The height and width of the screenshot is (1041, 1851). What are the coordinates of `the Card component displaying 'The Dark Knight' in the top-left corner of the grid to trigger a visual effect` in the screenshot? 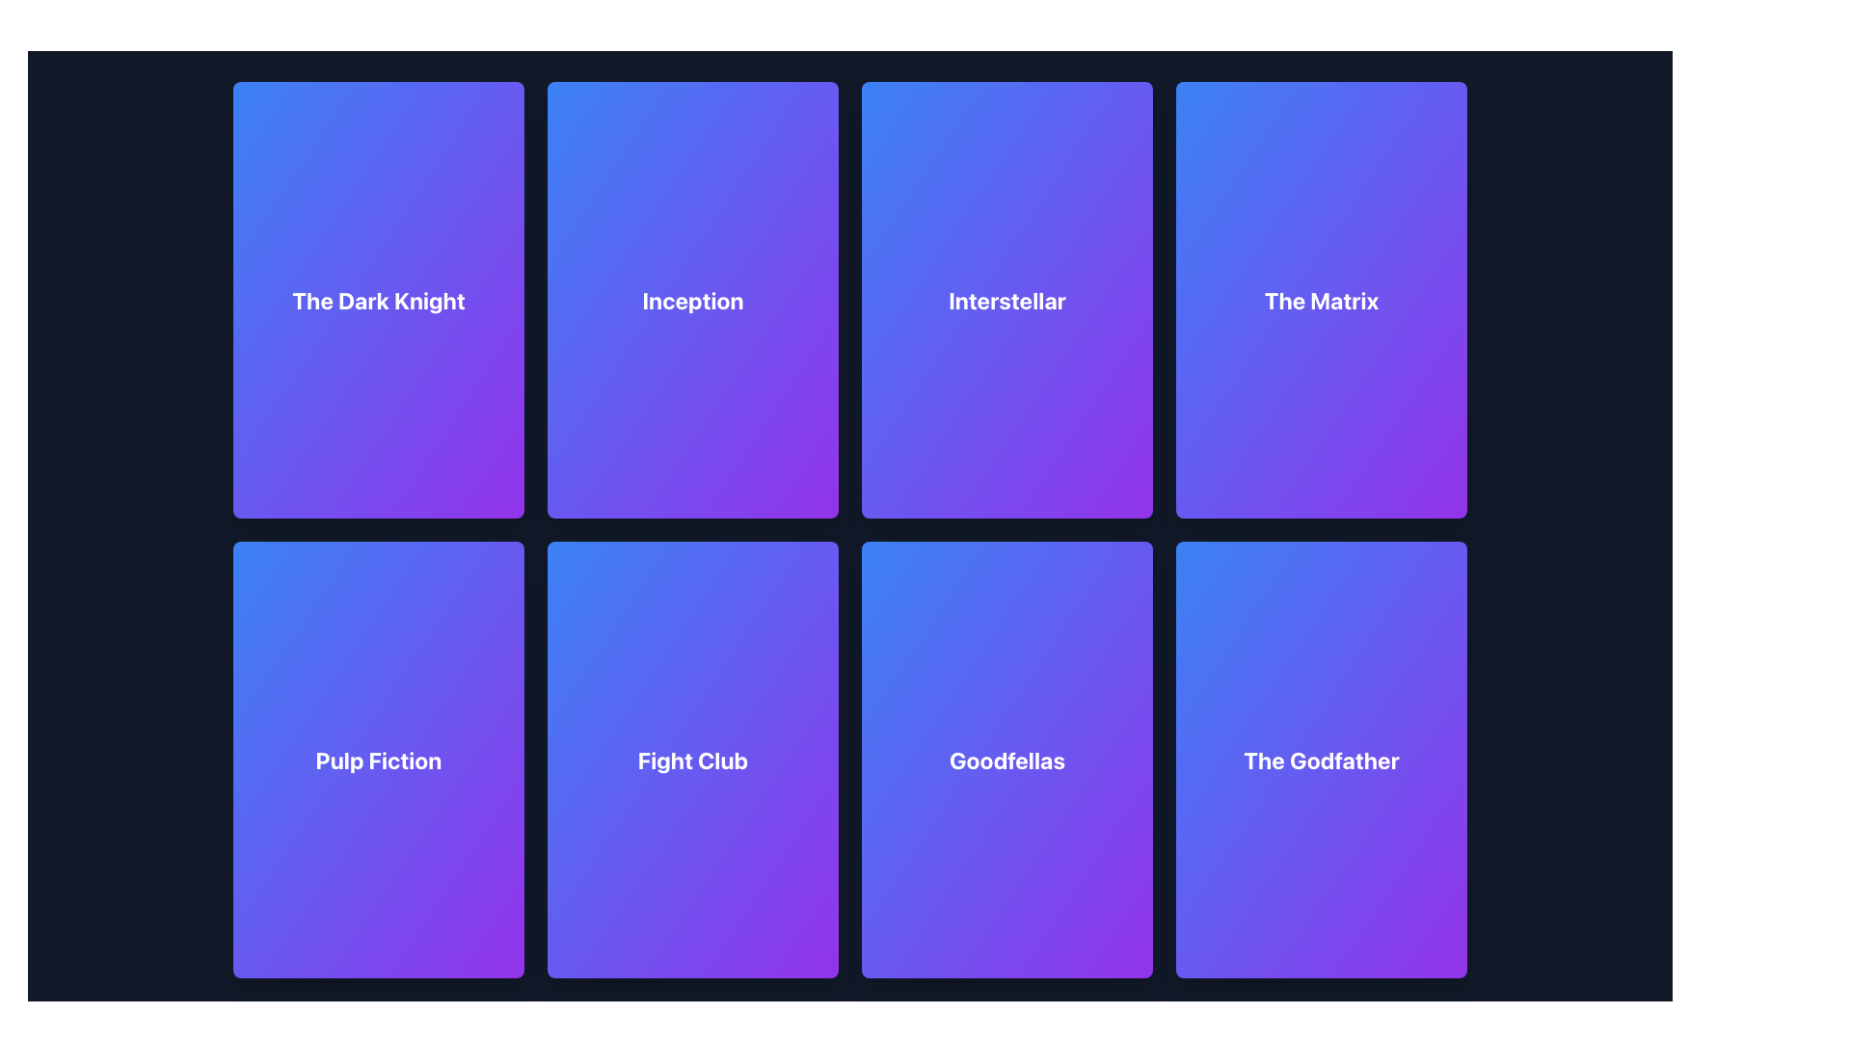 It's located at (379, 300).